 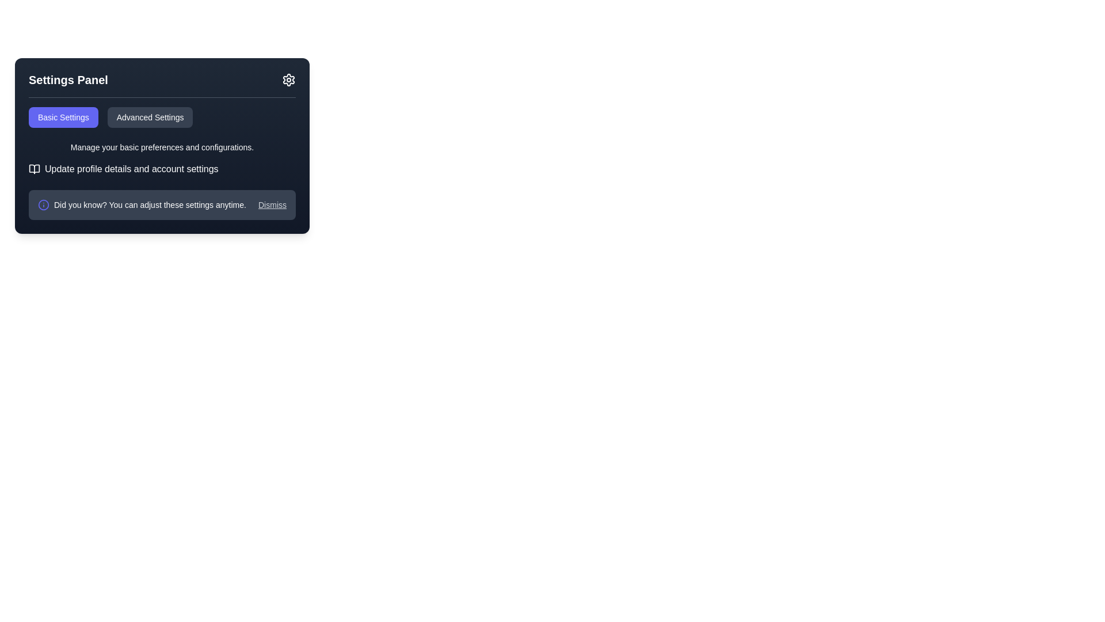 I want to click on the label with an open book icon that prompts to 'Update profile details and account settings', so click(x=162, y=169).